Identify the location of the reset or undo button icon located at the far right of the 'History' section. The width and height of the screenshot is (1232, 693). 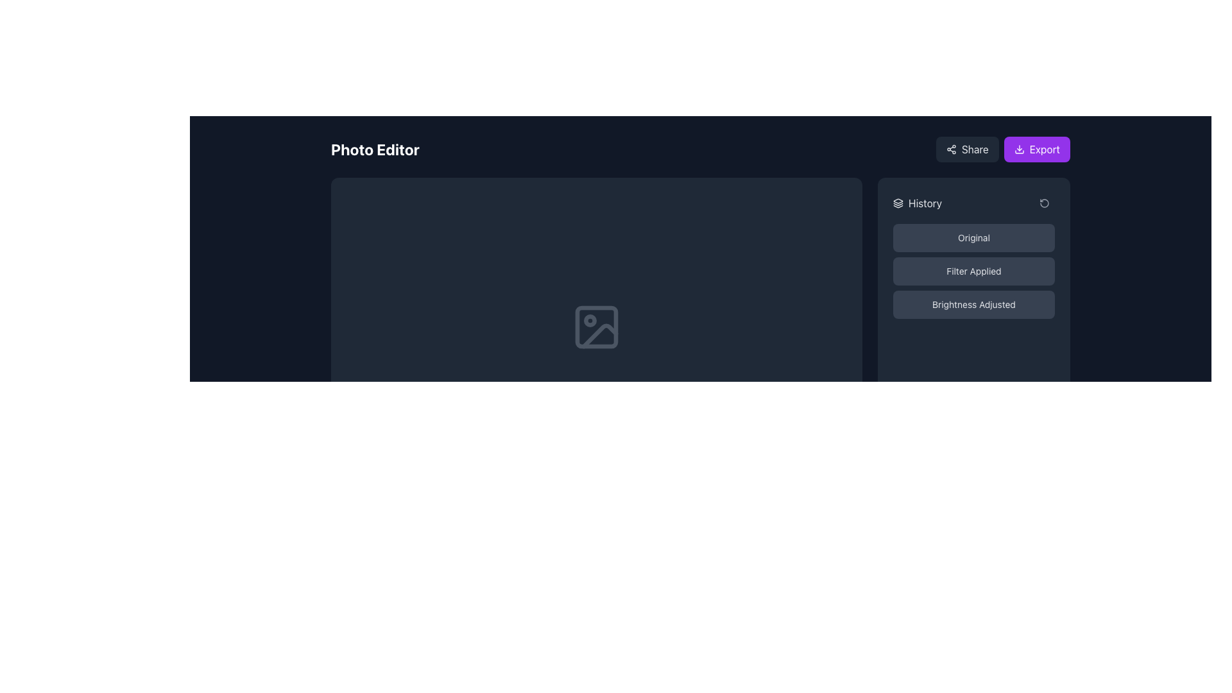
(1044, 202).